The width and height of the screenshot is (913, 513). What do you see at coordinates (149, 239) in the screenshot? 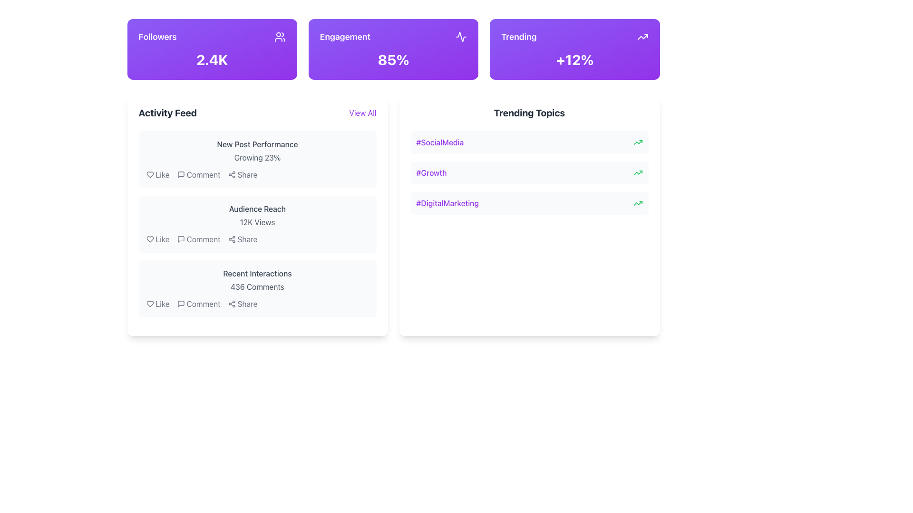
I see `the heart-shaped icon next to the 'Like' text in the activity feed under the 'Audience Reach' section` at bounding box center [149, 239].